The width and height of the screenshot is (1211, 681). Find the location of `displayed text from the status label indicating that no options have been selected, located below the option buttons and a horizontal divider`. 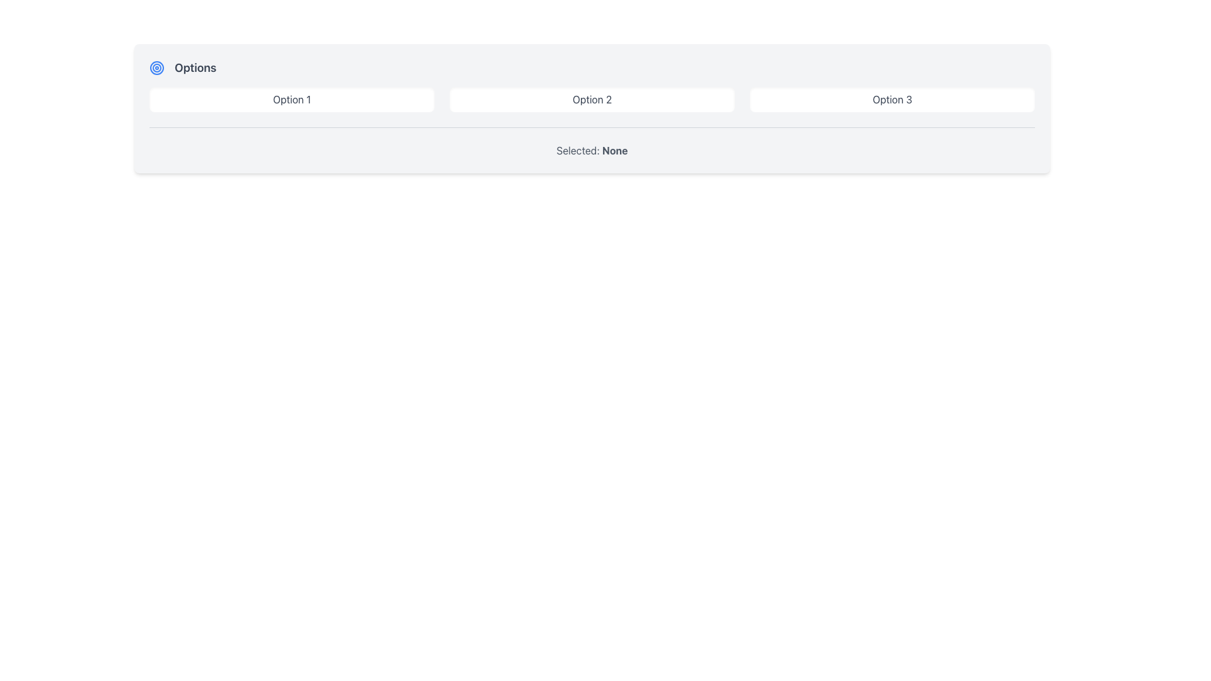

displayed text from the status label indicating that no options have been selected, located below the option buttons and a horizontal divider is located at coordinates (592, 150).